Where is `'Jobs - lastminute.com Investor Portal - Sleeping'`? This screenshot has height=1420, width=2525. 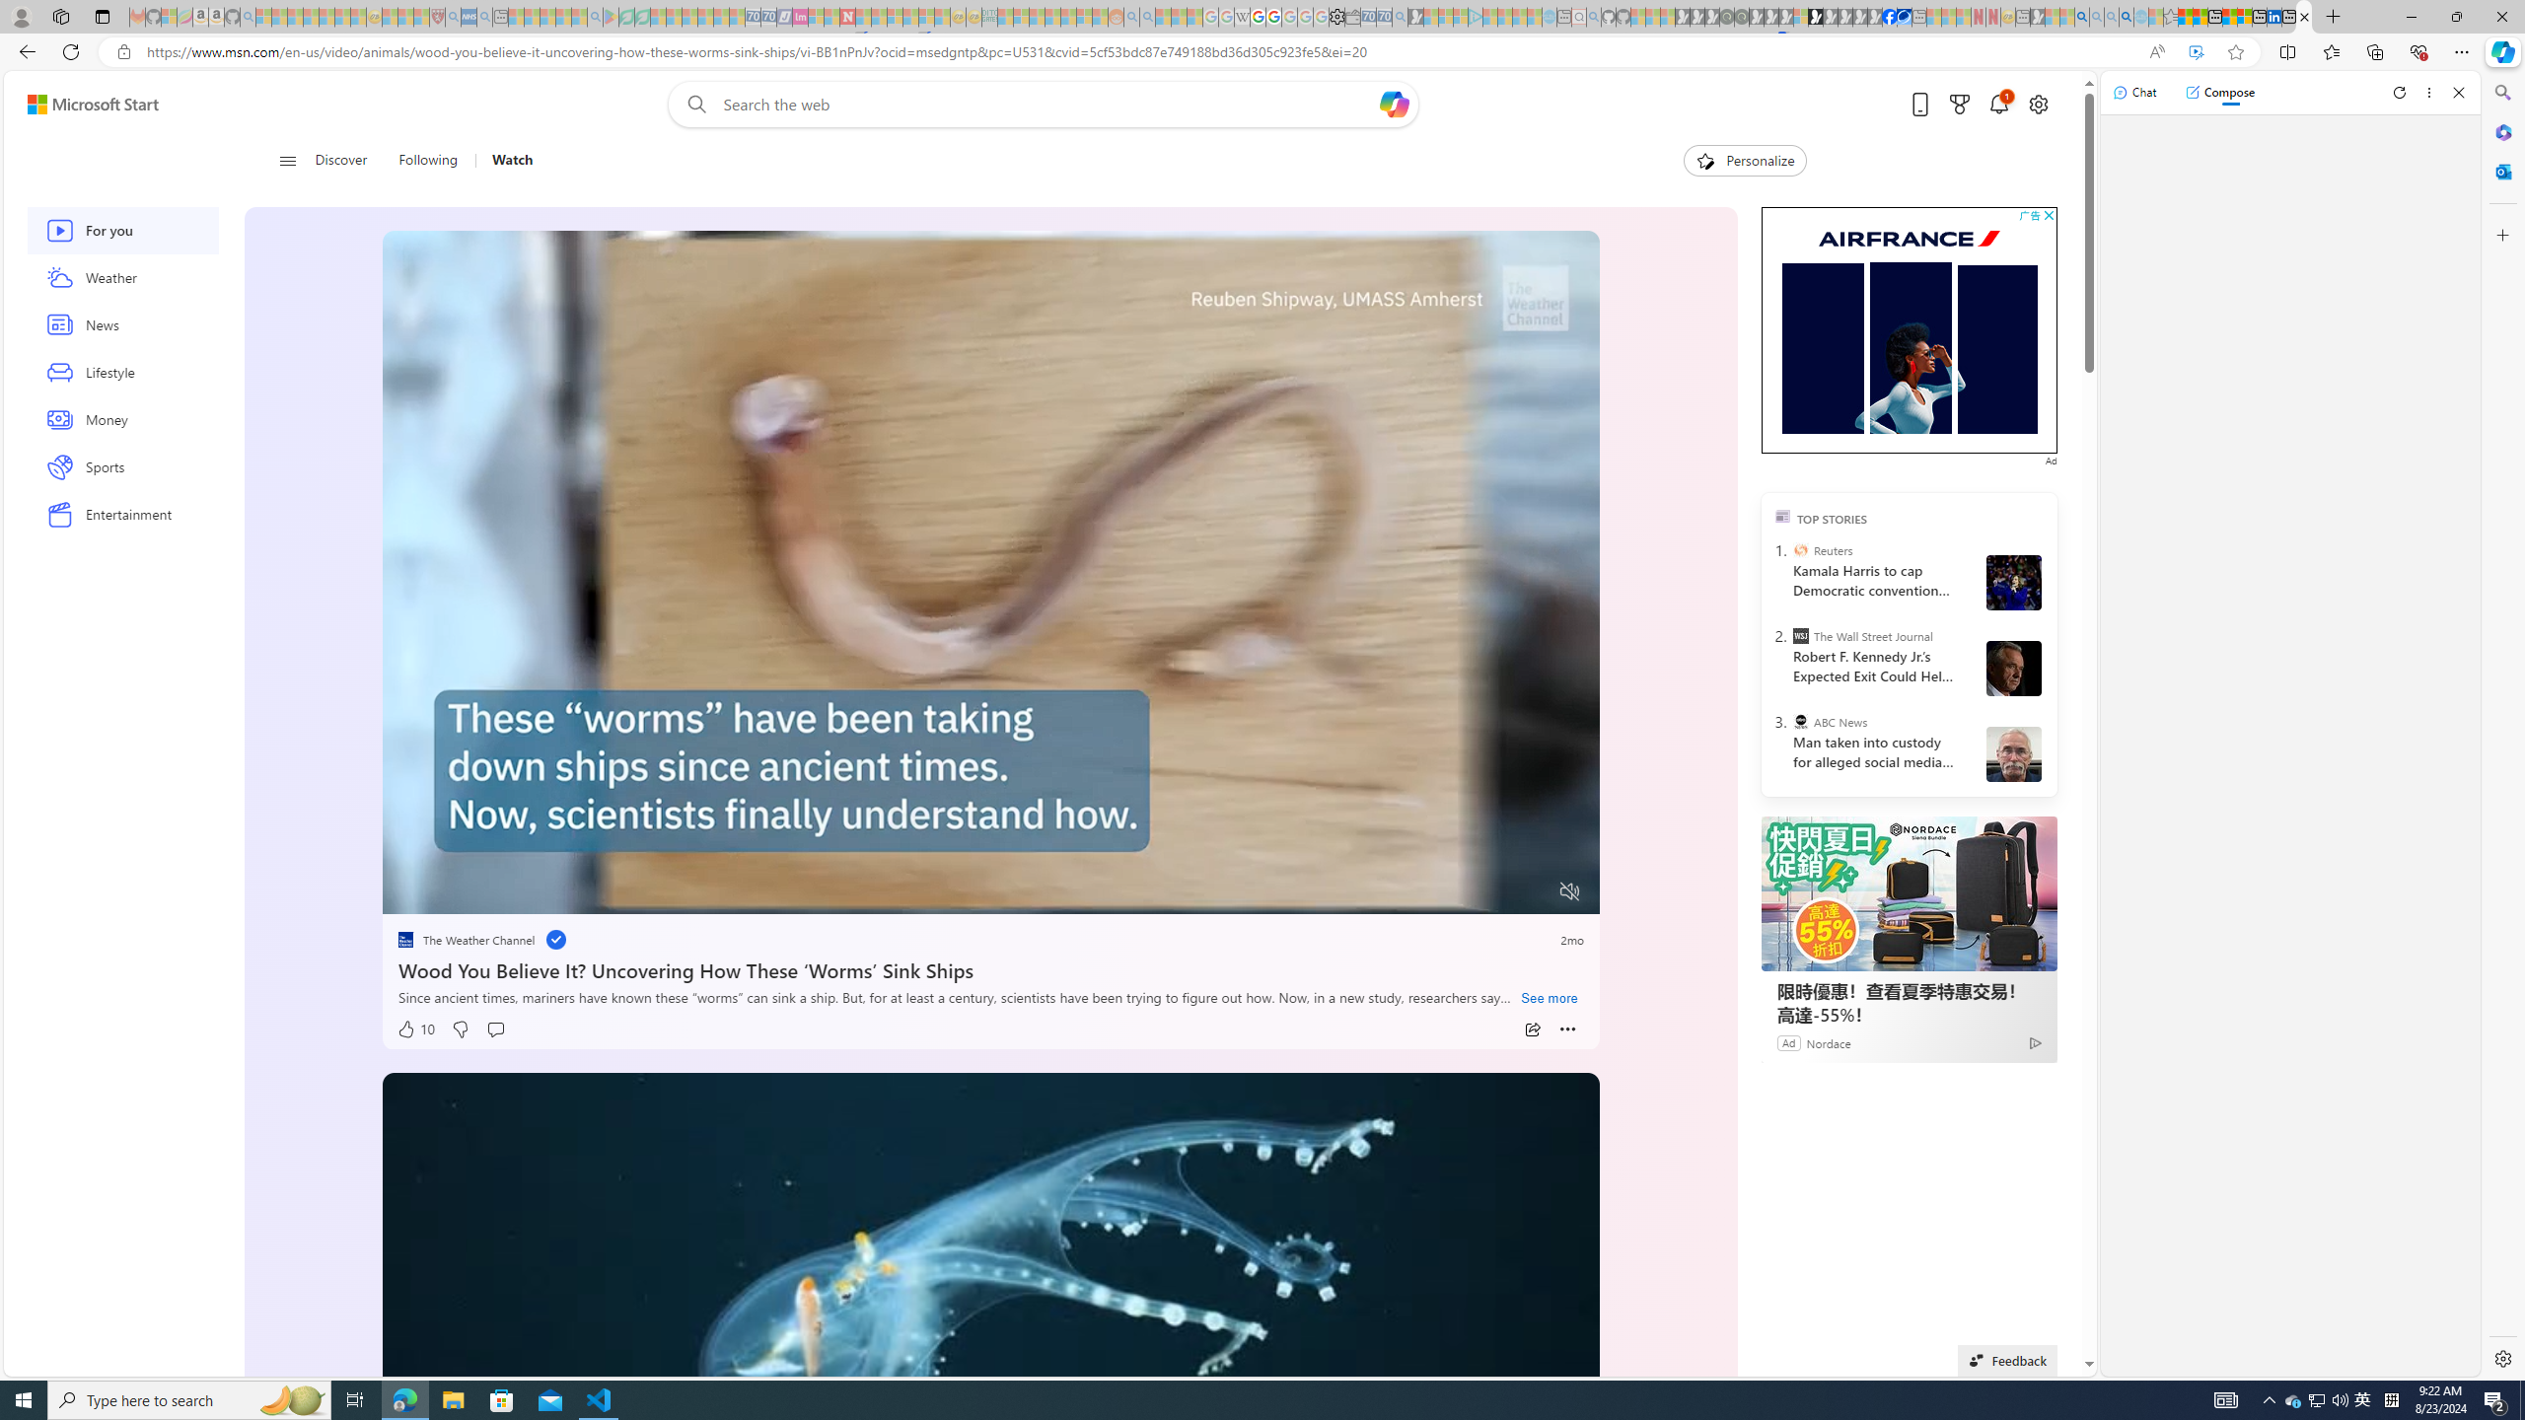
'Jobs - lastminute.com Investor Portal - Sleeping' is located at coordinates (800, 16).